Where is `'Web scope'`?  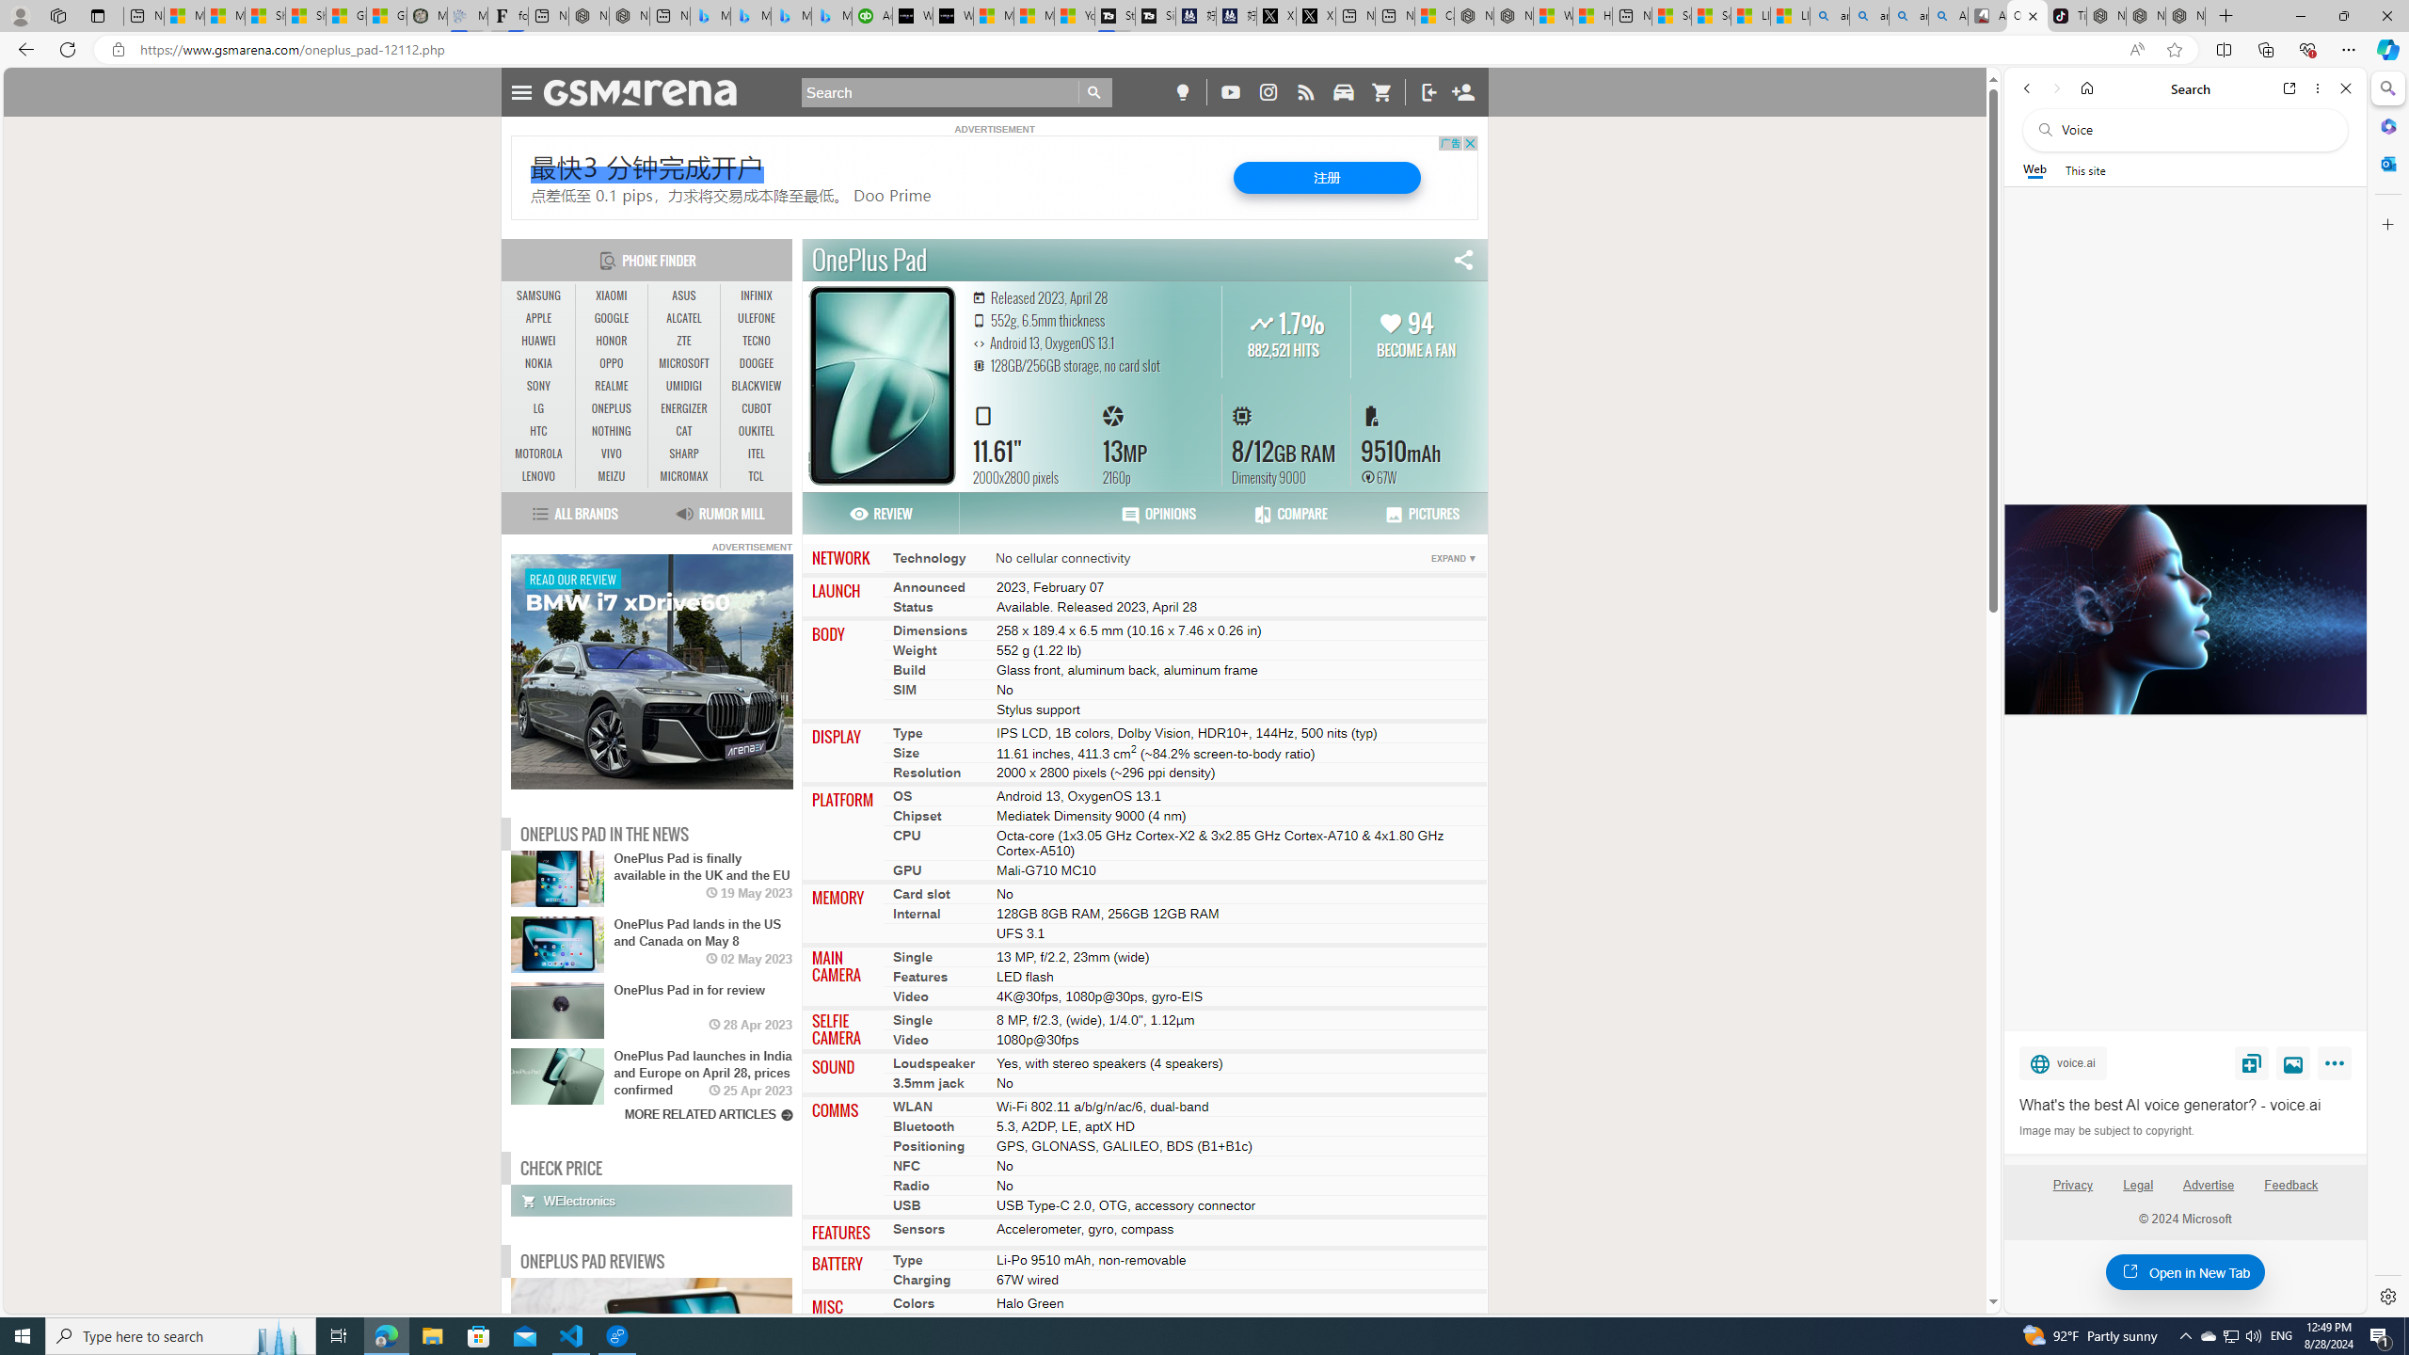
'Web scope' is located at coordinates (2034, 169).